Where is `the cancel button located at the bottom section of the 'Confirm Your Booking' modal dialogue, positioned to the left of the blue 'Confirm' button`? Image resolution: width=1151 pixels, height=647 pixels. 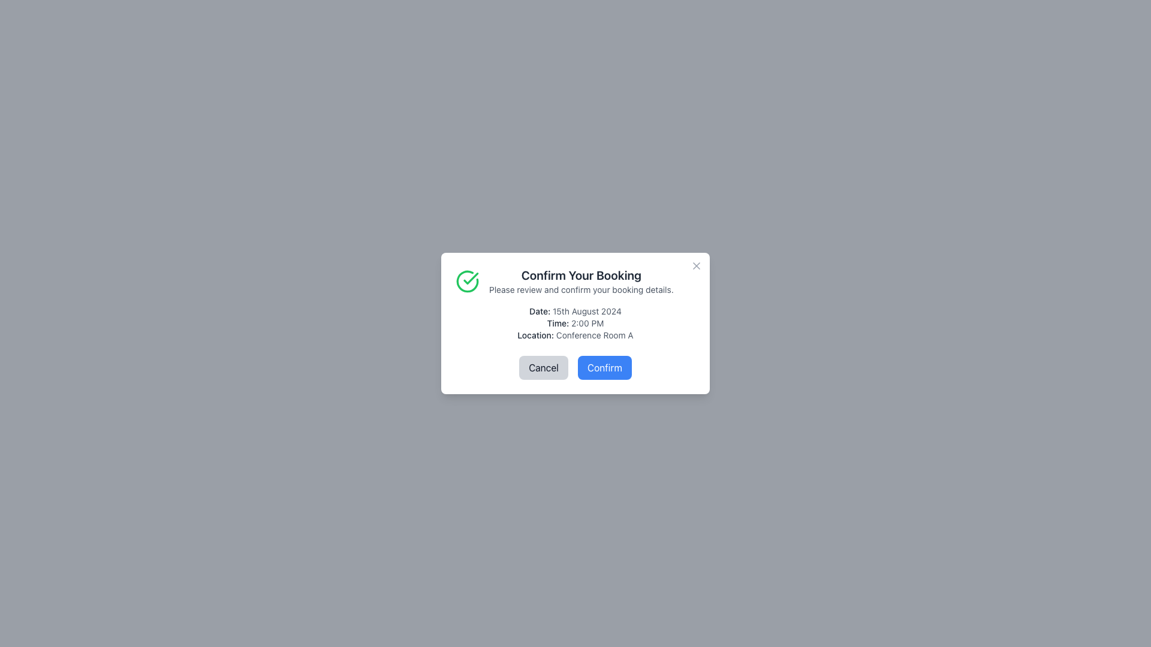
the cancel button located at the bottom section of the 'Confirm Your Booking' modal dialogue, positioned to the left of the blue 'Confirm' button is located at coordinates (543, 367).